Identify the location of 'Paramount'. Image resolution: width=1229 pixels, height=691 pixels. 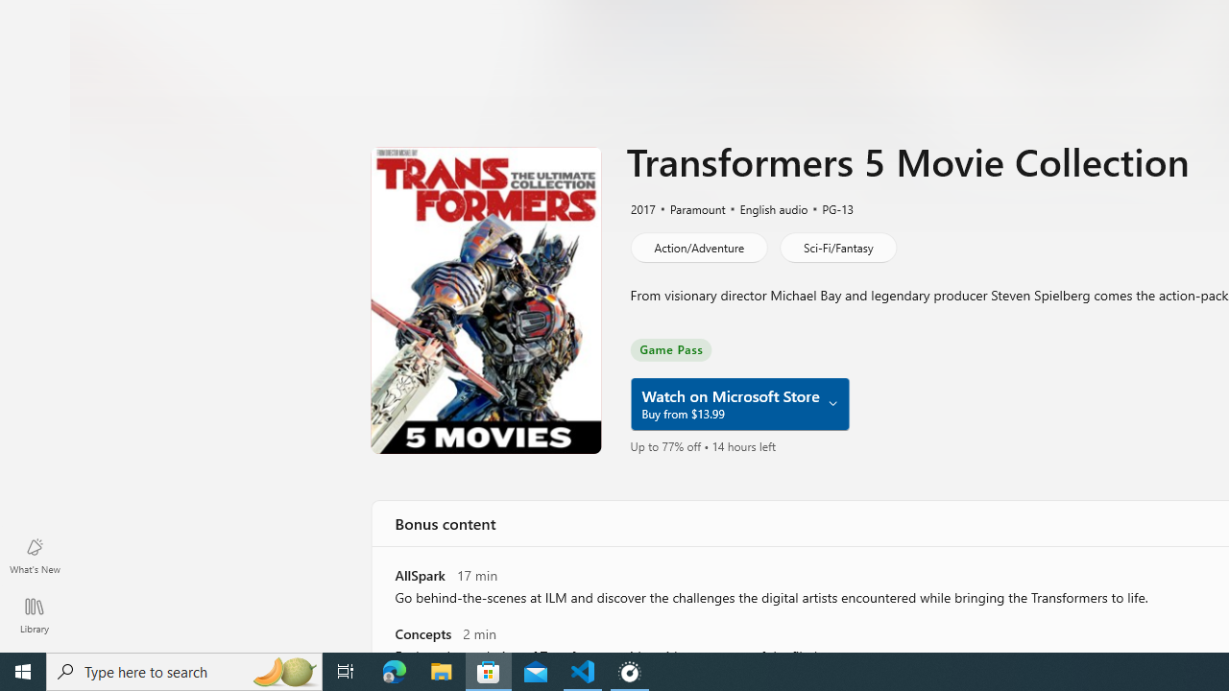
(689, 208).